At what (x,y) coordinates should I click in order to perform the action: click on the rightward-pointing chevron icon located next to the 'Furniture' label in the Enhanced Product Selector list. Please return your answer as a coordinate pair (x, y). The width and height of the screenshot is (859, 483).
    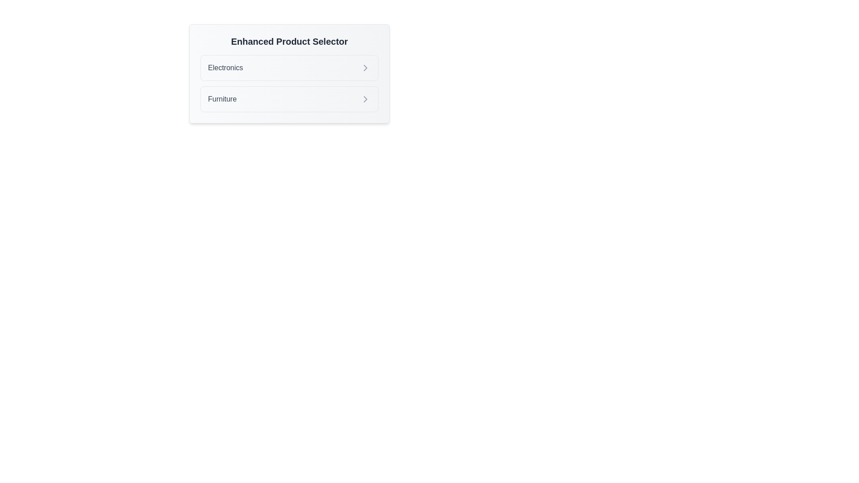
    Looking at the image, I should click on (365, 99).